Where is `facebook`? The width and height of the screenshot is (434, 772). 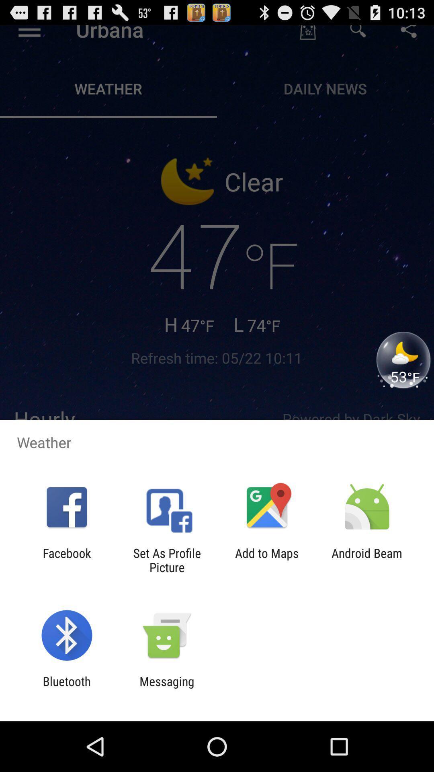
facebook is located at coordinates (66, 560).